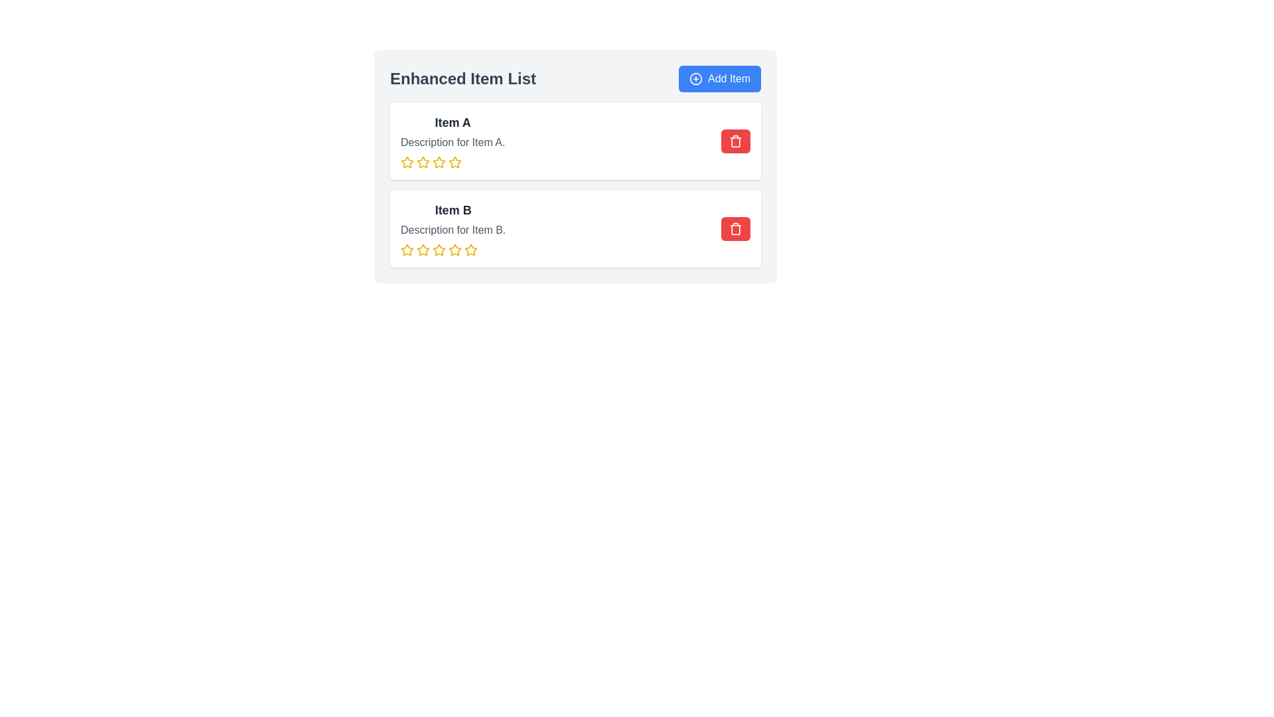 The image size is (1274, 717). I want to click on the fourth star icon in the rating system under 'Item B', so click(455, 250).